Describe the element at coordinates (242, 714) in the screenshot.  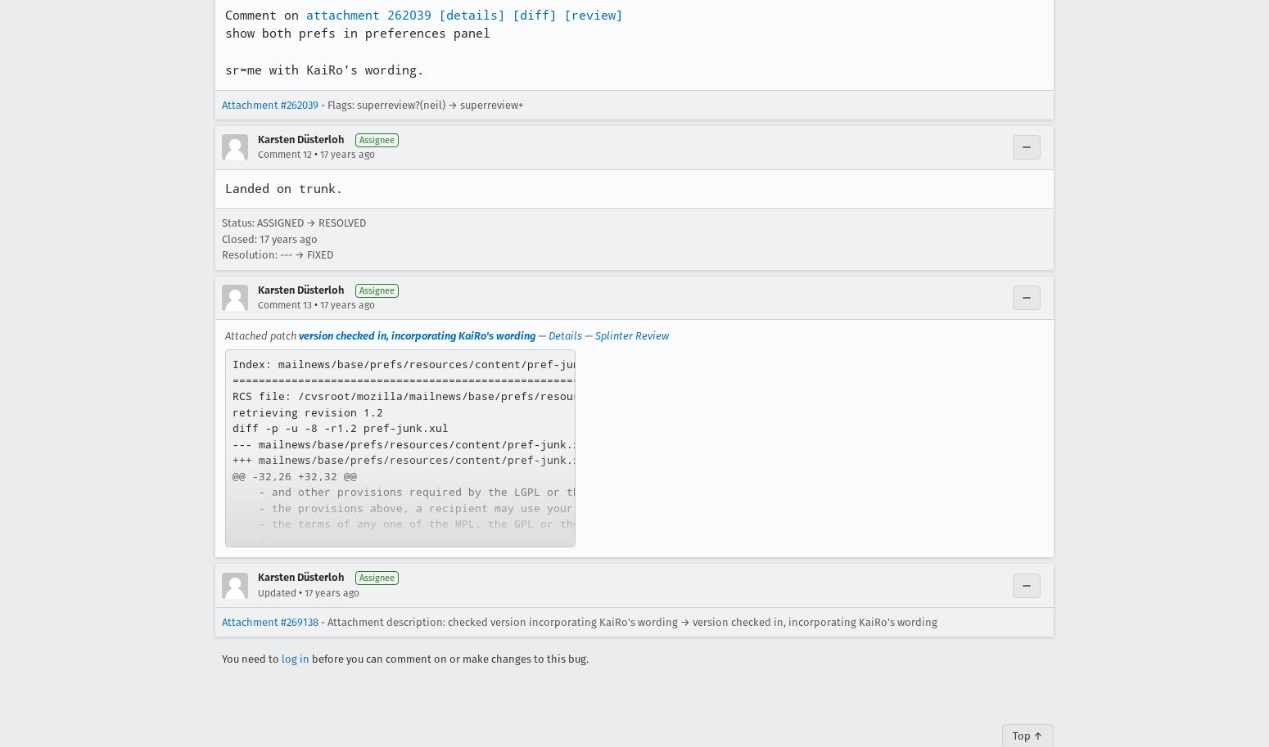
I see `'+]>'` at that location.